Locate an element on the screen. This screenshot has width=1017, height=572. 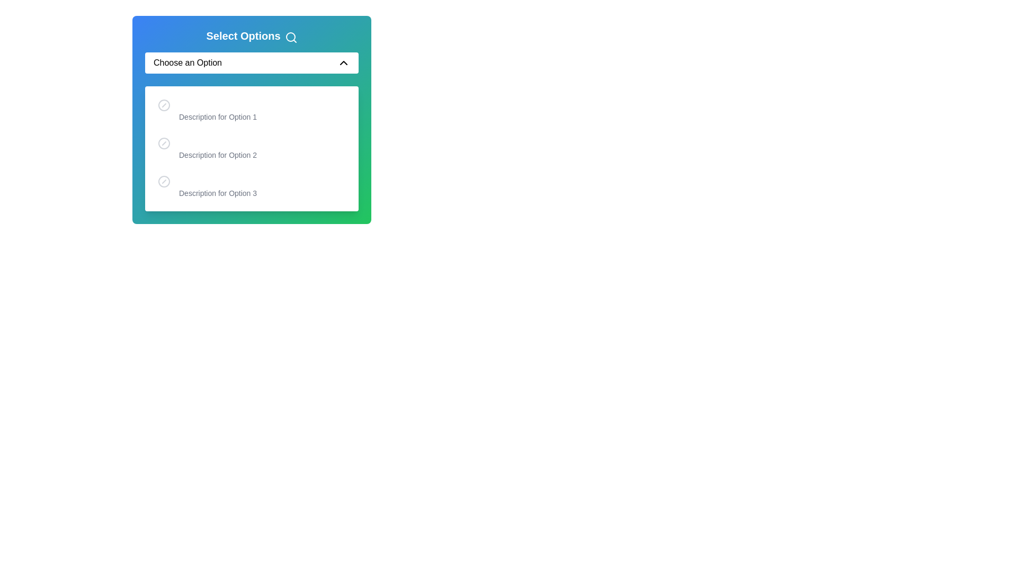
the upward-pointing chevron icon located to the right of the 'Choose an Option' text is located at coordinates (343, 62).